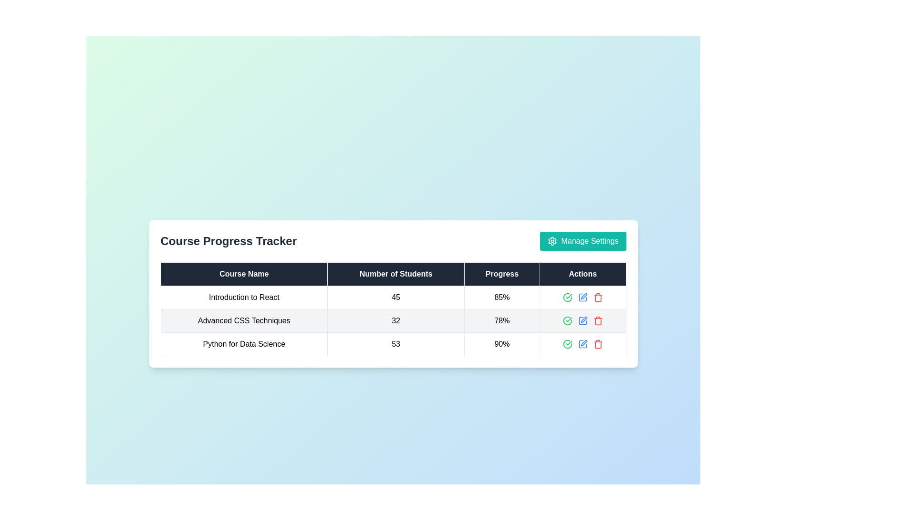  I want to click on the text label displaying the count of students enrolled in the 'Python for Data Science' course for accessibility purposes, so click(396, 344).